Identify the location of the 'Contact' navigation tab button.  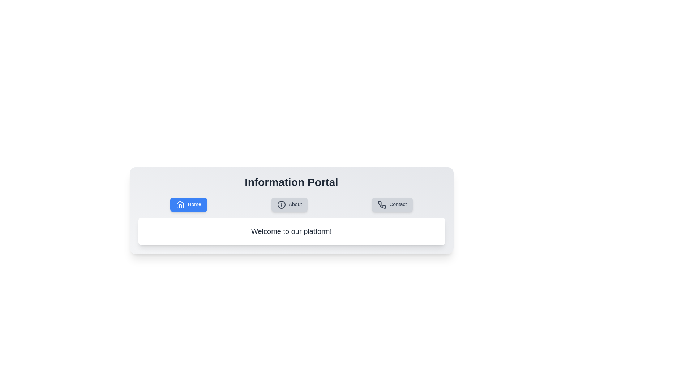
(392, 205).